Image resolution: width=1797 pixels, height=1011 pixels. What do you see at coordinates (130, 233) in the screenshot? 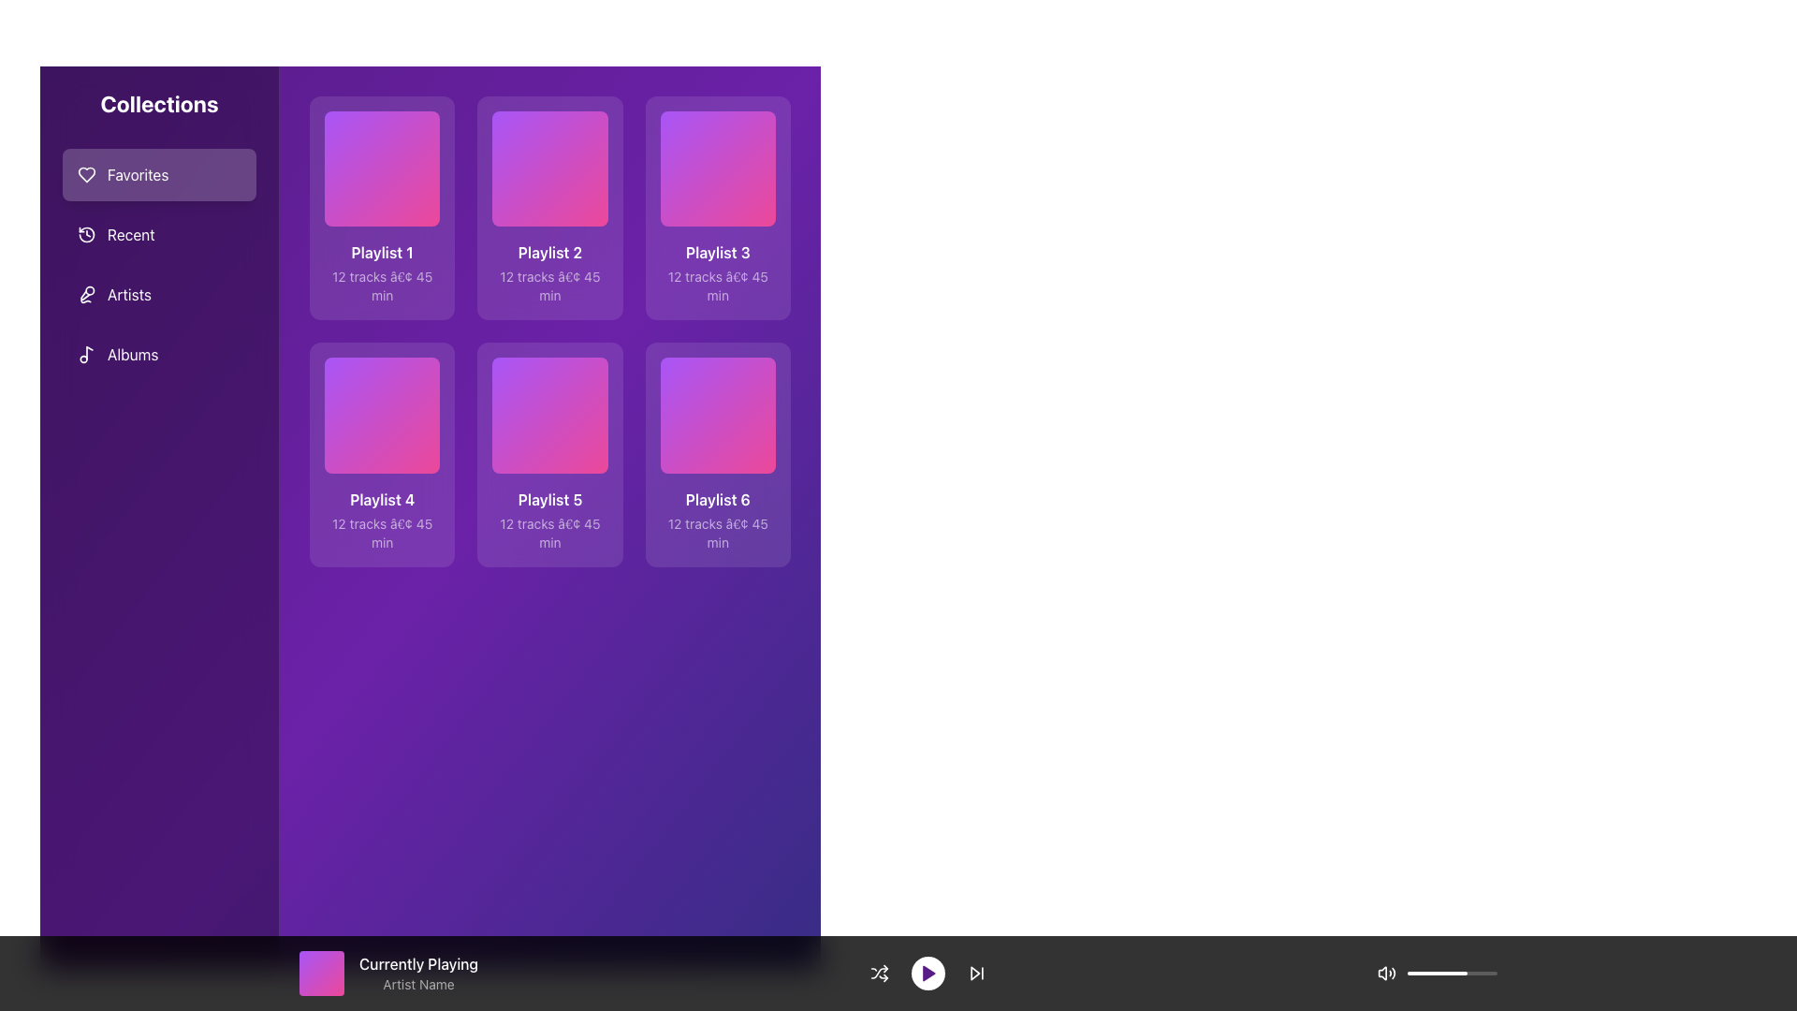
I see `the 'Recent' text label, which is the second item in the vertical list of the sidebar menu` at bounding box center [130, 233].